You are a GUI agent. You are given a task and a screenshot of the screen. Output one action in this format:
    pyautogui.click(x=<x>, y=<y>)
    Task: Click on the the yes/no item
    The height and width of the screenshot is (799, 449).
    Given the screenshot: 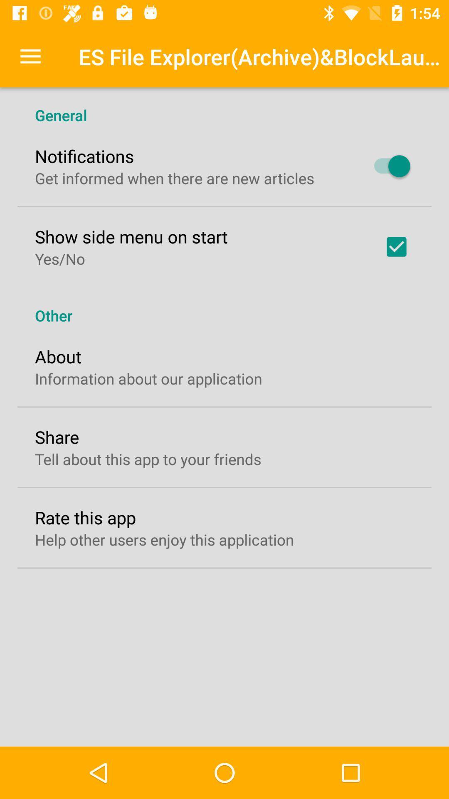 What is the action you would take?
    pyautogui.click(x=59, y=258)
    